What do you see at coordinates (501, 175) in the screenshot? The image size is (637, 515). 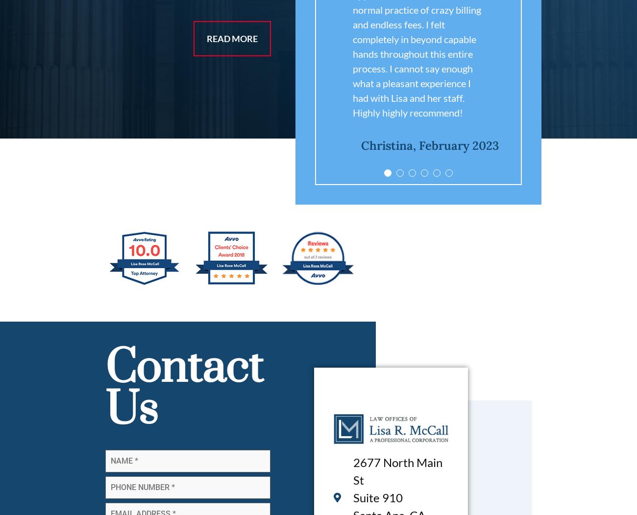 I see `'4'` at bounding box center [501, 175].